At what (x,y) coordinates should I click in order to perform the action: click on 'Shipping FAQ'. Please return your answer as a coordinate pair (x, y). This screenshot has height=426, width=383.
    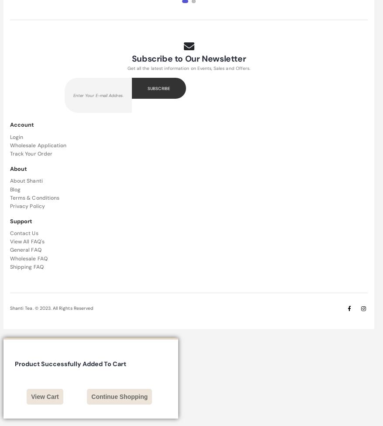
    Looking at the image, I should click on (9, 266).